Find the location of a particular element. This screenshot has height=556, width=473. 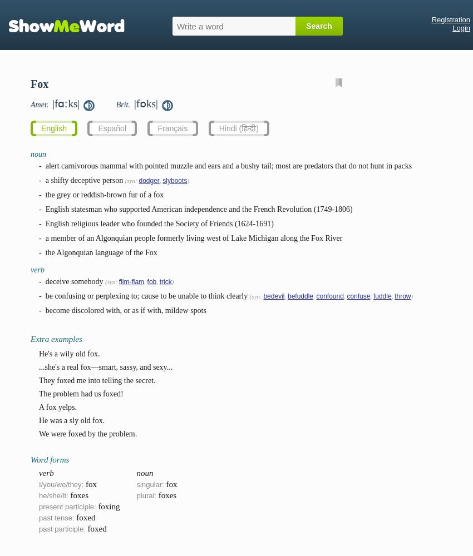

'singular:' is located at coordinates (149, 484).